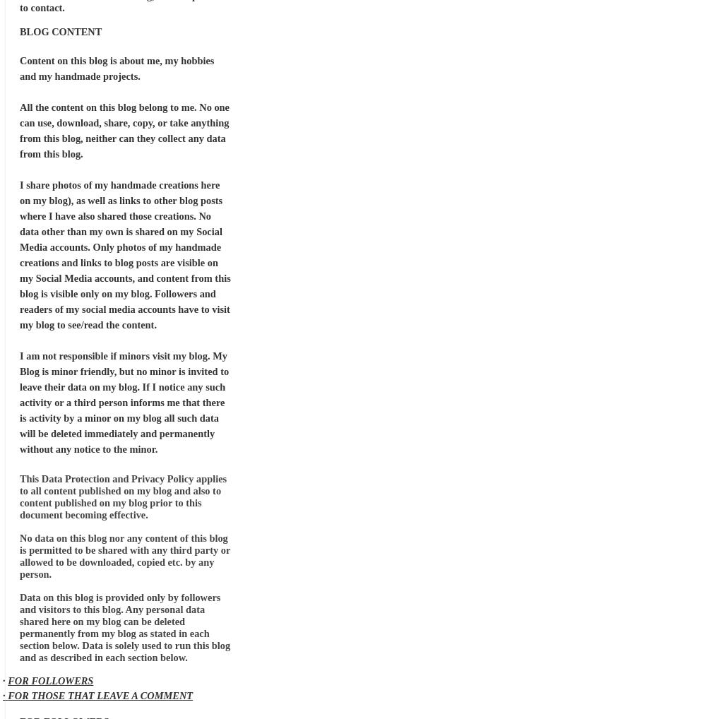 Image resolution: width=726 pixels, height=719 pixels. Describe the element at coordinates (125, 627) in the screenshot. I see `'Data on this blog is provided only by followers and visitors to this blog.  Any personal data shared here on my blog can be deleted permanently from my blog as stated in each section below.  Data is solely used to run this blog and as described in each section below.'` at that location.